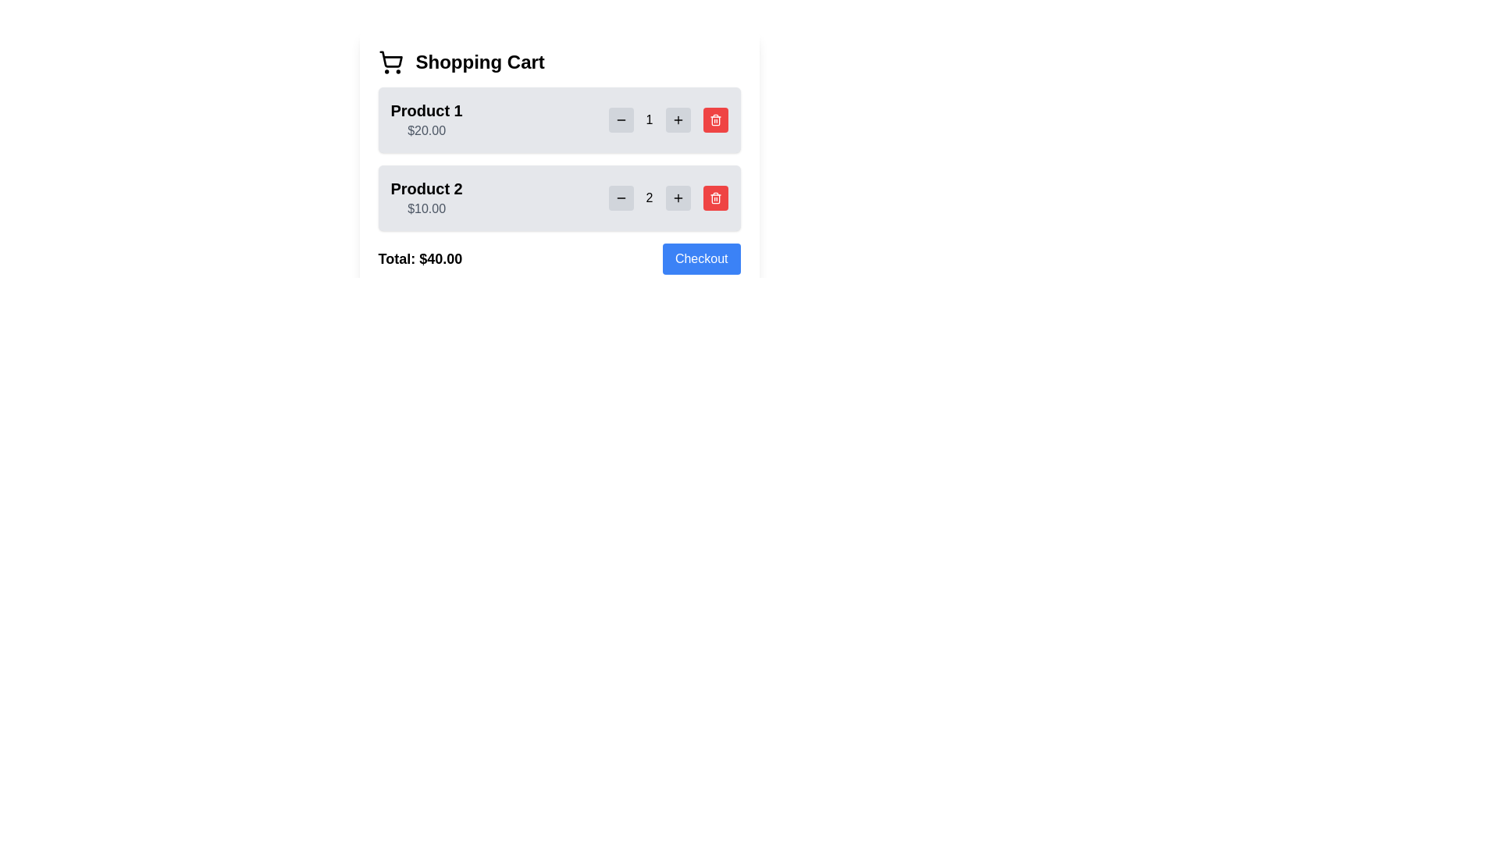 The width and height of the screenshot is (1499, 843). Describe the element at coordinates (426, 110) in the screenshot. I see `the label displaying the title of the first product in the shopping cart, located in the top-left section above the price label` at that location.